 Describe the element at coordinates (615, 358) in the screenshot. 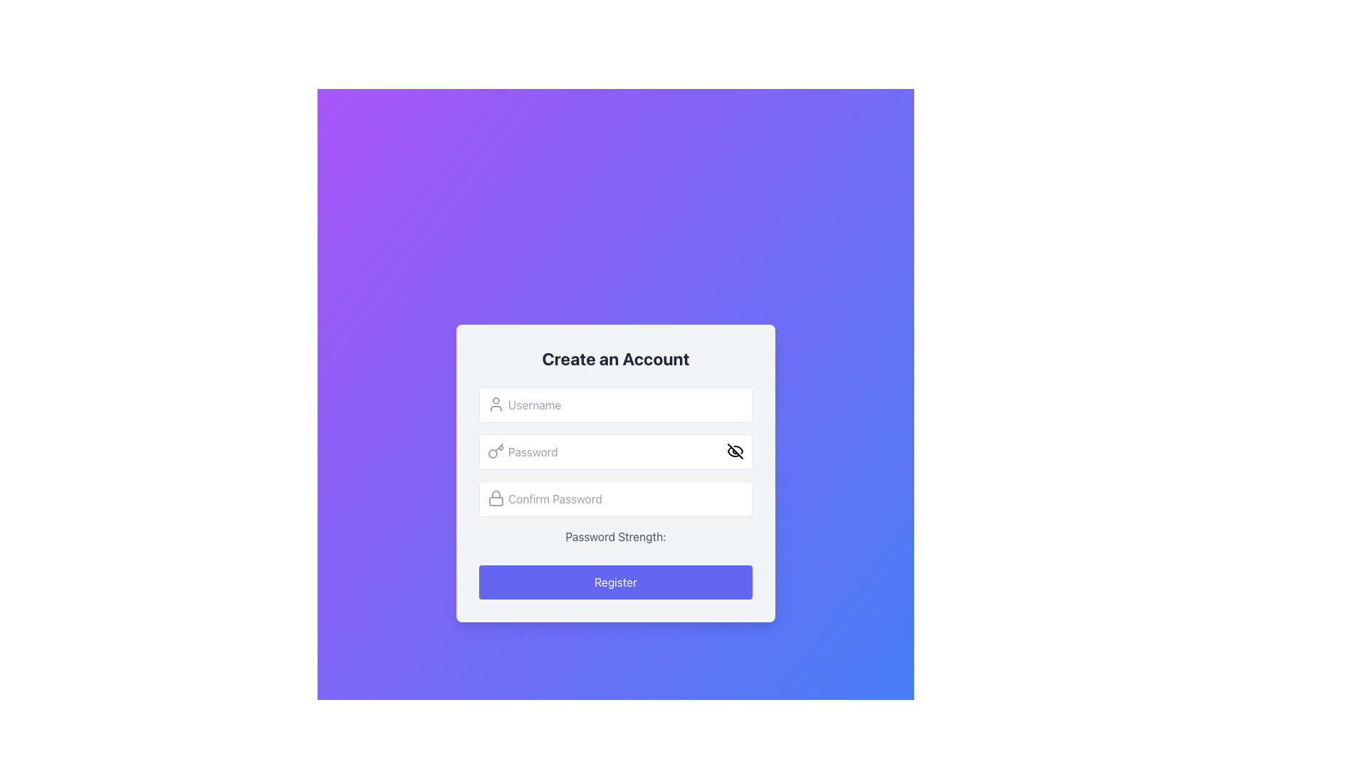

I see `the text header displaying 'Create an Account', which is styled in bold and large font on a light gray background, positioned at the top of the form component` at that location.